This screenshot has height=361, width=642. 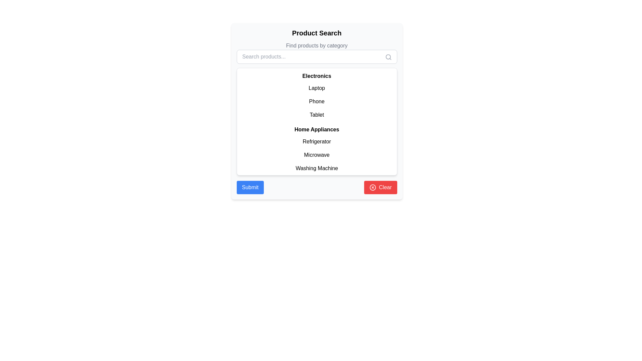 I want to click on the 'Microwave' text label, which is the third item in the 'Home Appliances' section of the list, styled with a clean sans-serif typeface and changes color on hover, so click(x=316, y=155).